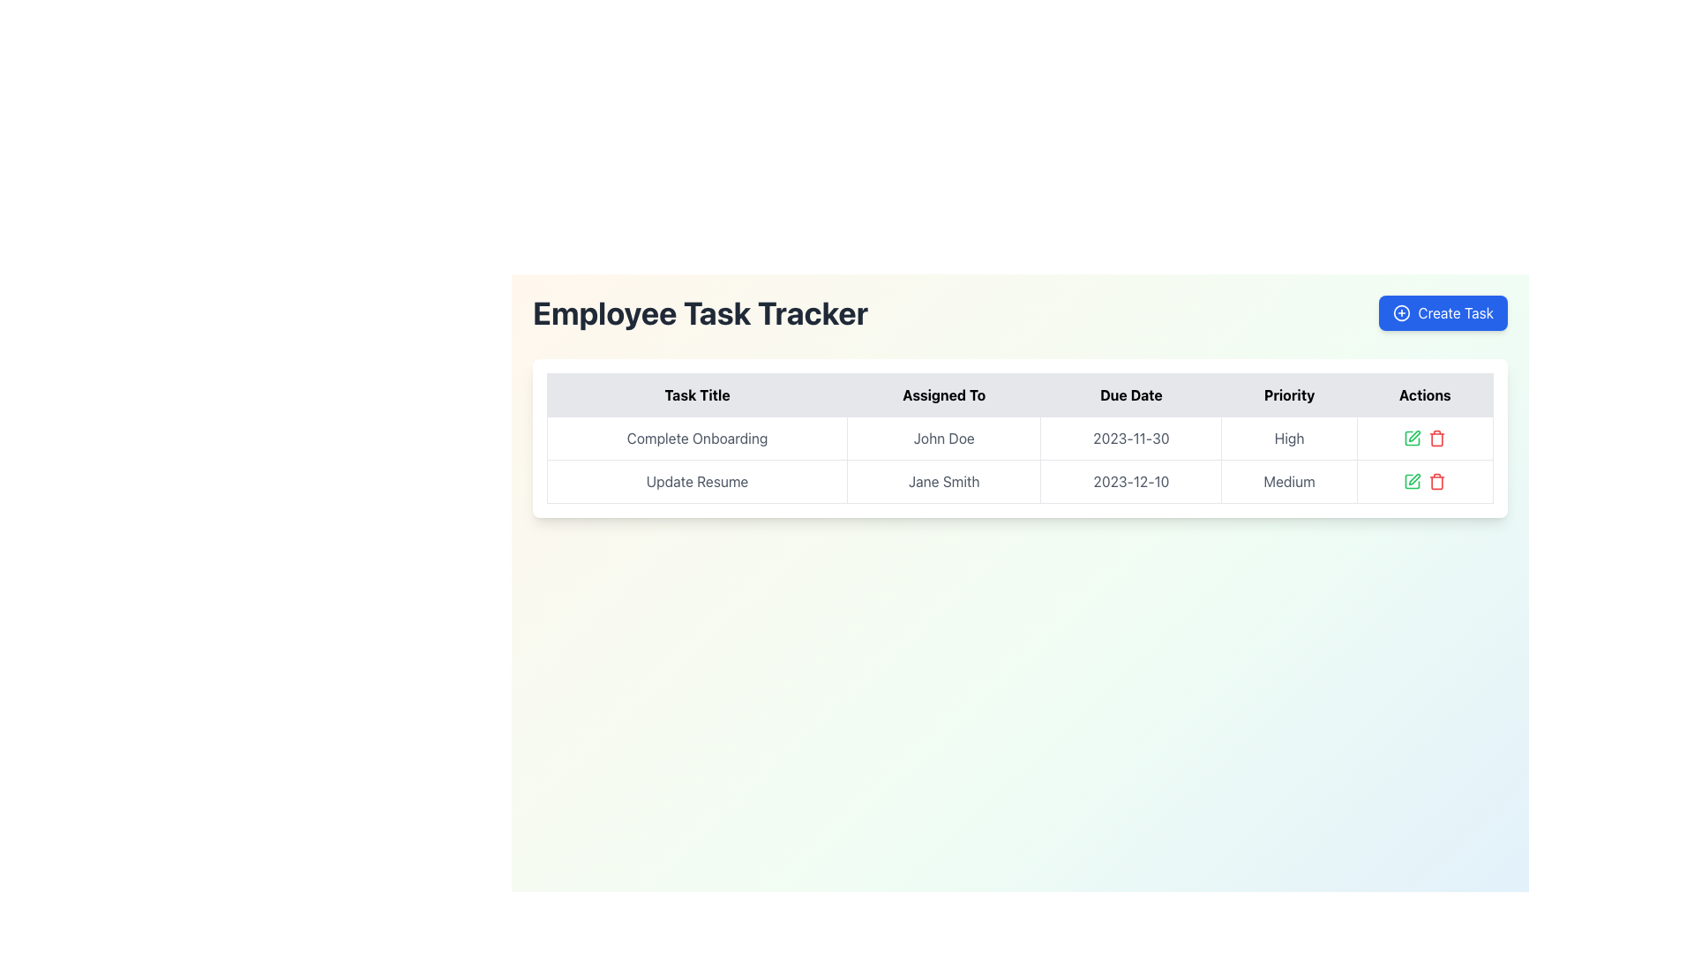 The image size is (1694, 953). I want to click on the text display element showing 'Complete Onboarding' in the first row of the table under the 'Task Title' column, so click(696, 438).